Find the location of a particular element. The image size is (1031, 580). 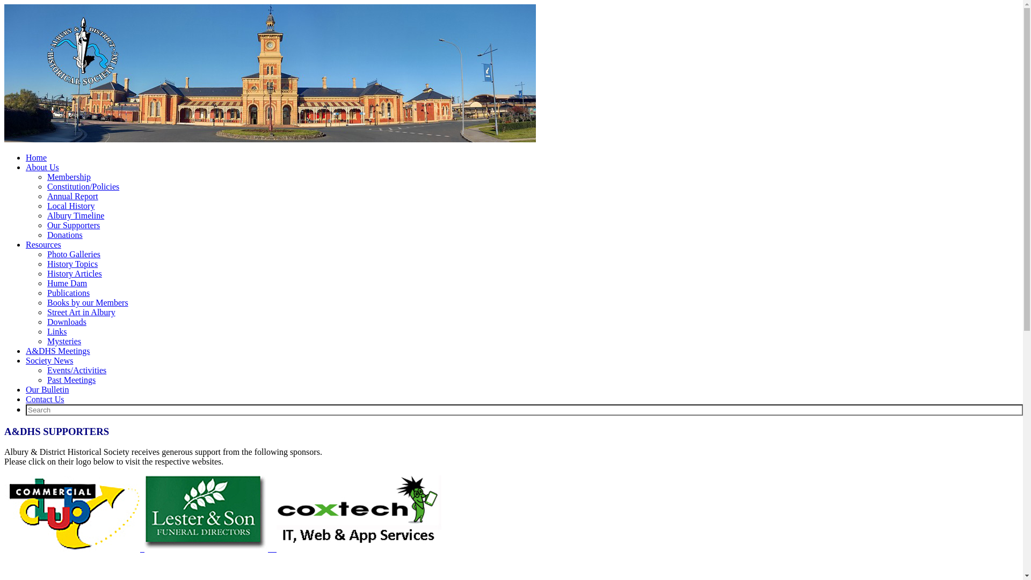

'Constitution/Policies' is located at coordinates (82, 186).